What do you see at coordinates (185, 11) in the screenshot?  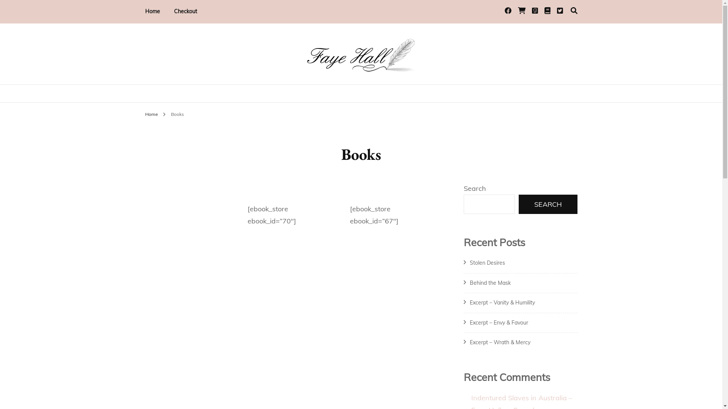 I see `'Checkout'` at bounding box center [185, 11].